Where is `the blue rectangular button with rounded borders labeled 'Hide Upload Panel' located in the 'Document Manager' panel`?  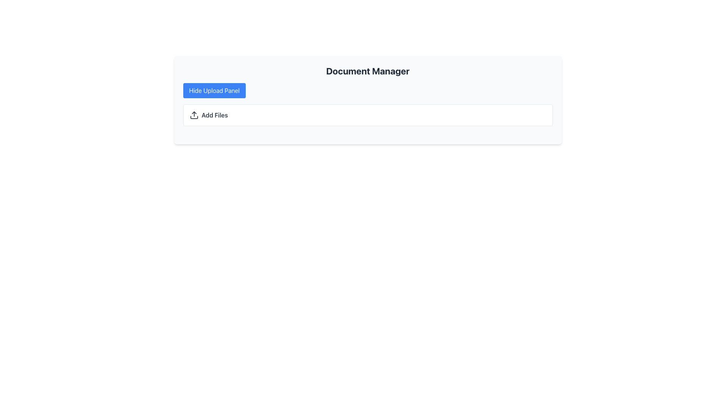 the blue rectangular button with rounded borders labeled 'Hide Upload Panel' located in the 'Document Manager' panel is located at coordinates (214, 90).